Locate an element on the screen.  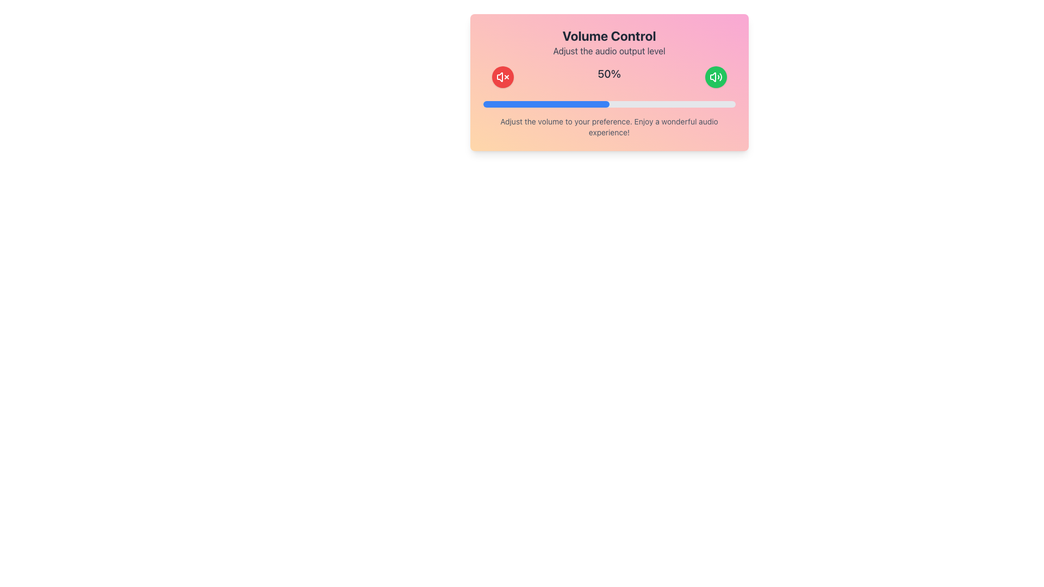
the volume is located at coordinates (533, 104).